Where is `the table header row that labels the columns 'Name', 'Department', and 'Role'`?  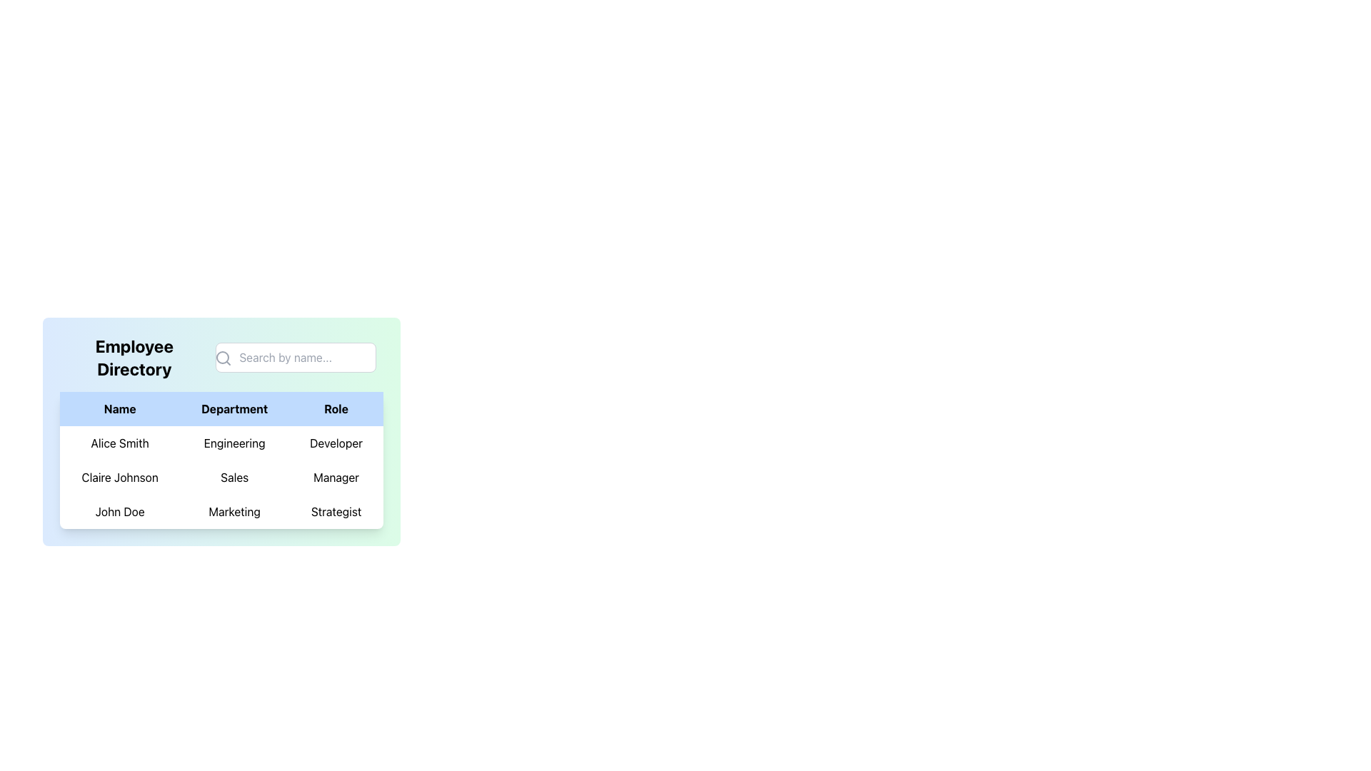
the table header row that labels the columns 'Name', 'Department', and 'Role' is located at coordinates (221, 409).